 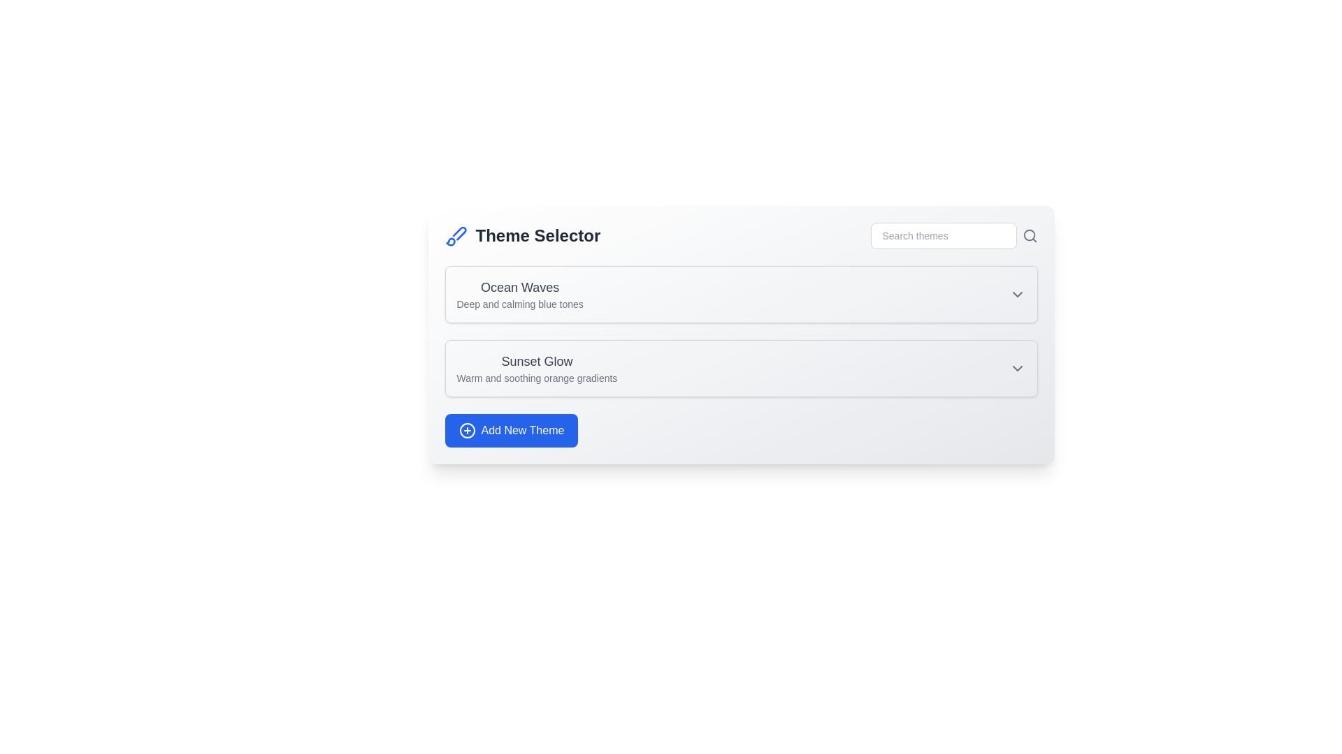 What do you see at coordinates (519, 293) in the screenshot?
I see `the 'Ocean Waves' text display component, which consists of two lines of text` at bounding box center [519, 293].